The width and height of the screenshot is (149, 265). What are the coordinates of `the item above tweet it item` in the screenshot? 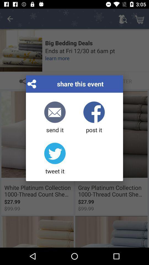 It's located at (55, 118).